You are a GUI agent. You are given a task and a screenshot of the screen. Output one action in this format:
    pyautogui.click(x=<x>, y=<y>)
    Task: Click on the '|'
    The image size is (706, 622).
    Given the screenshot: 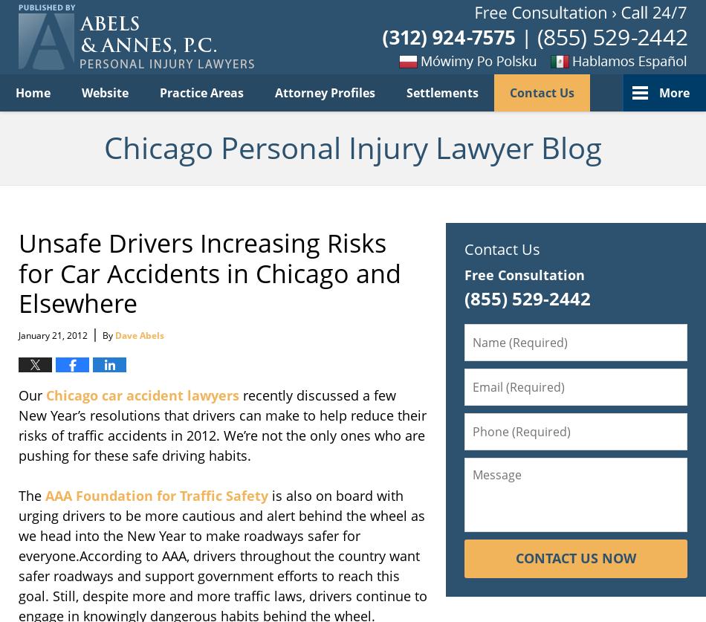 What is the action you would take?
    pyautogui.click(x=94, y=331)
    